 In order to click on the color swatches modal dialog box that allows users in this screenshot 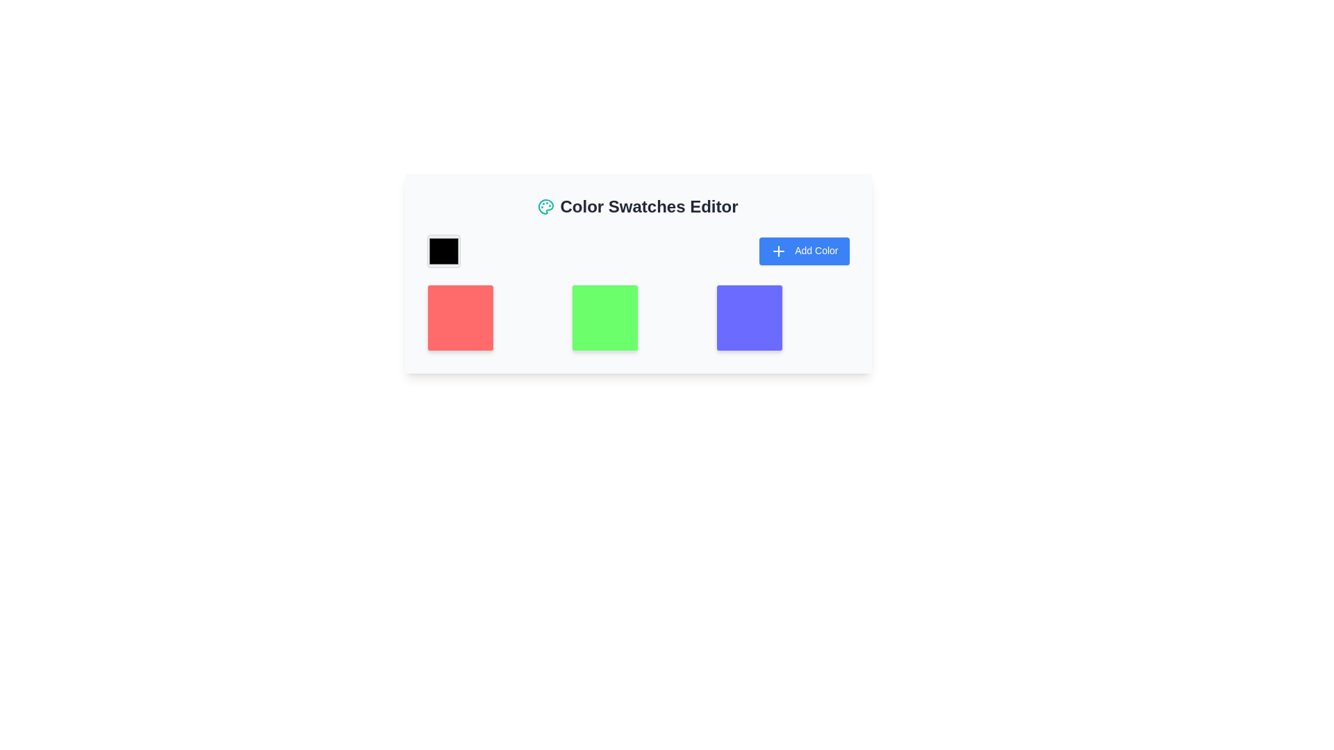, I will do `click(637, 273)`.